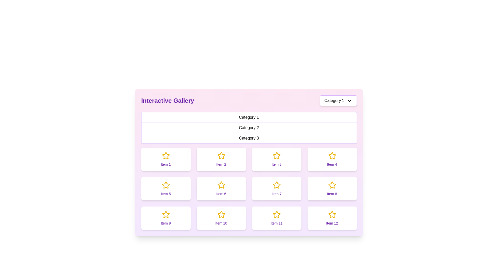 Image resolution: width=488 pixels, height=274 pixels. What do you see at coordinates (332, 214) in the screenshot?
I see `the stylized star icon with a yellow border located above 'Item 12' in the last column of the fourth row of the gallery grid` at bounding box center [332, 214].